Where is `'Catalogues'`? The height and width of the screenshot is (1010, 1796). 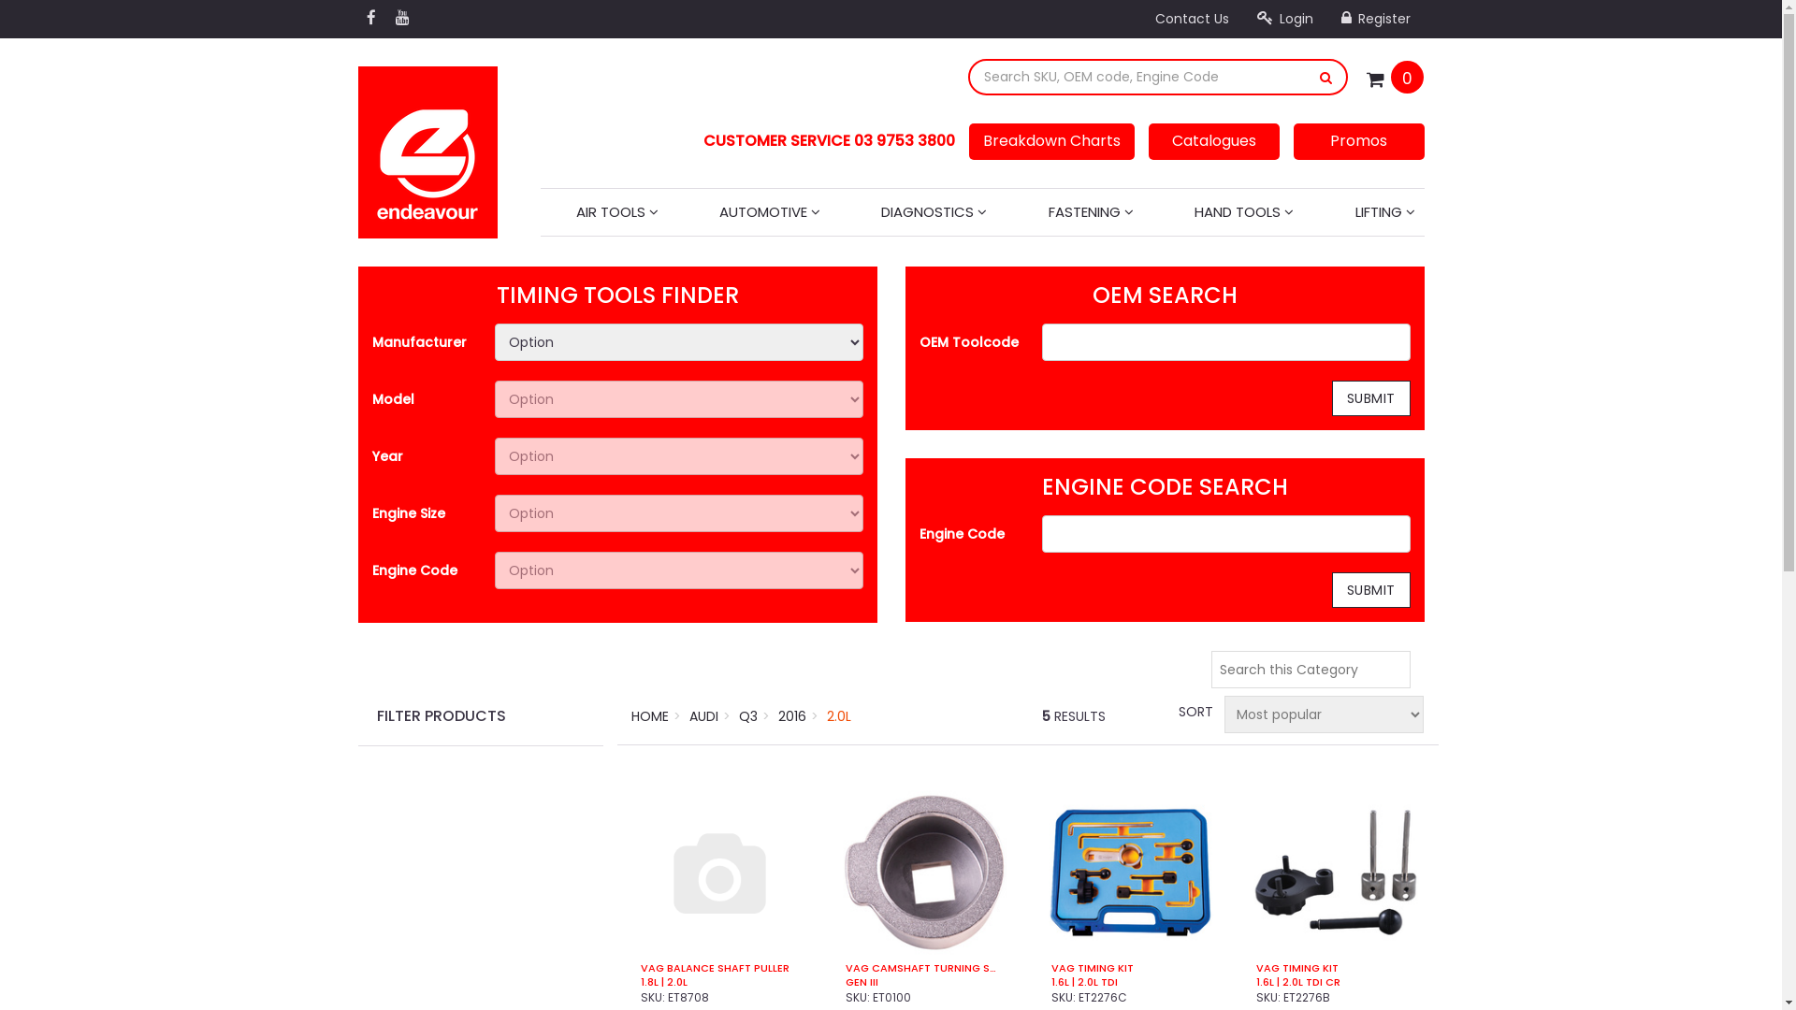
'Catalogues' is located at coordinates (1213, 140).